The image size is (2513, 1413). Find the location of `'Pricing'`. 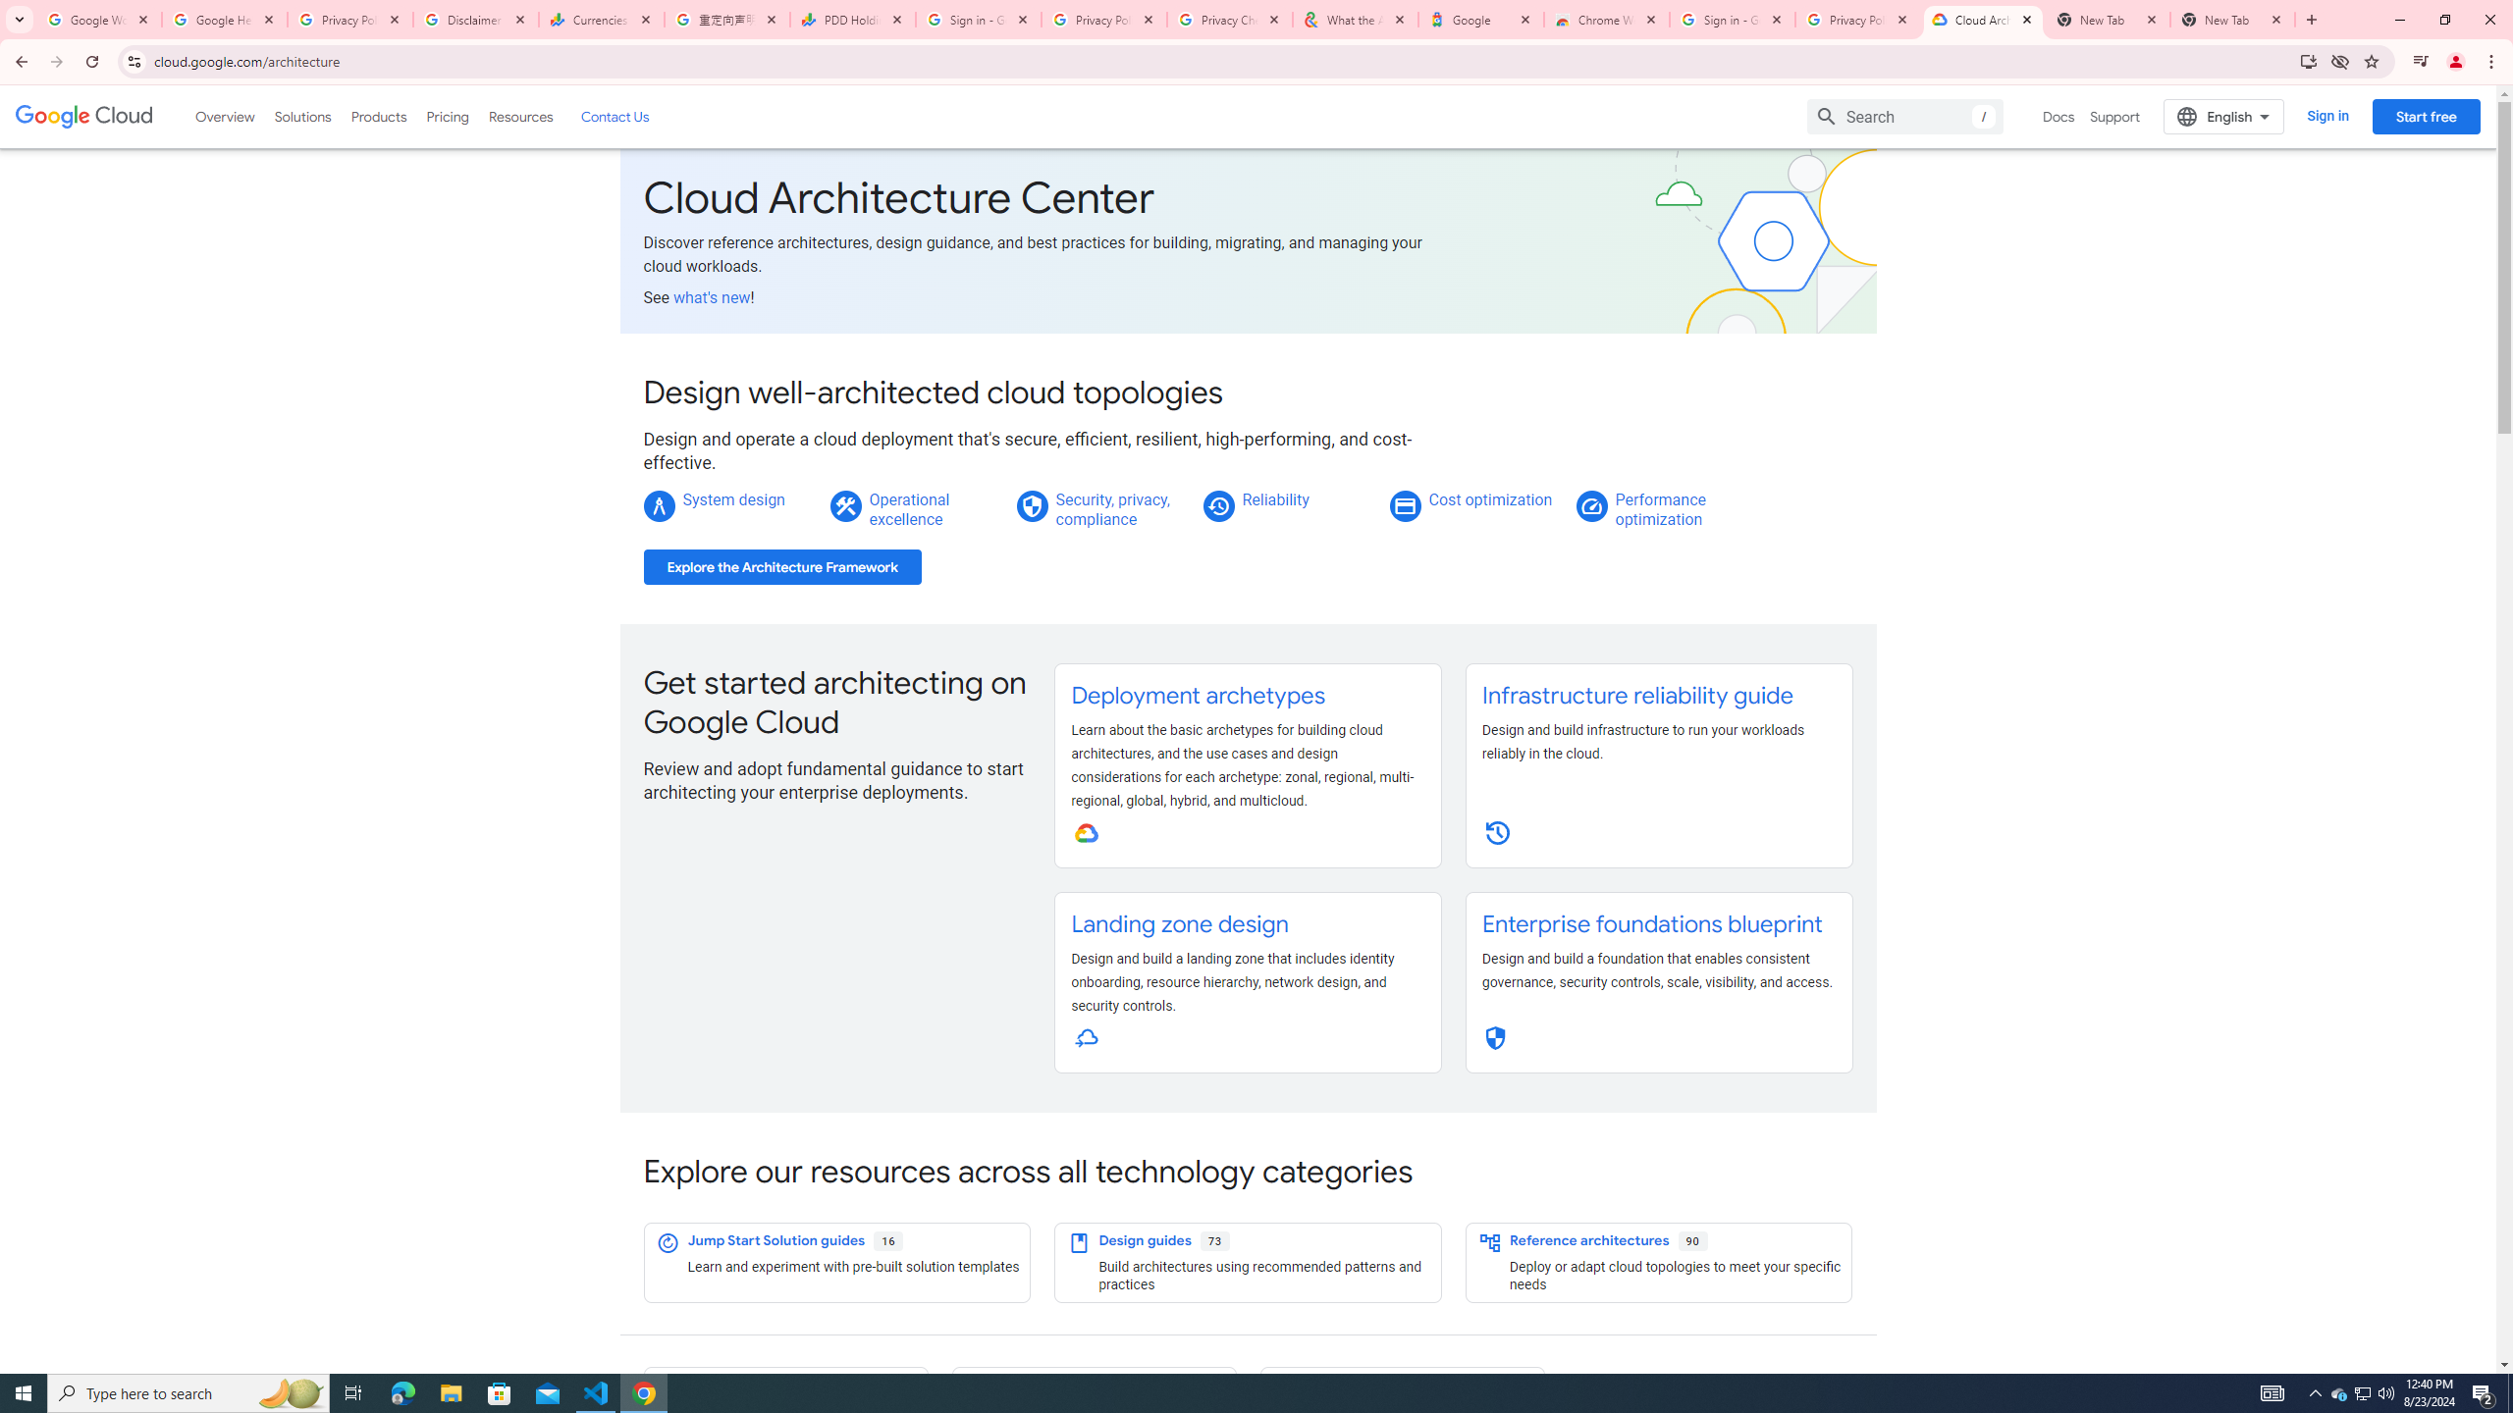

'Pricing' is located at coordinates (448, 116).